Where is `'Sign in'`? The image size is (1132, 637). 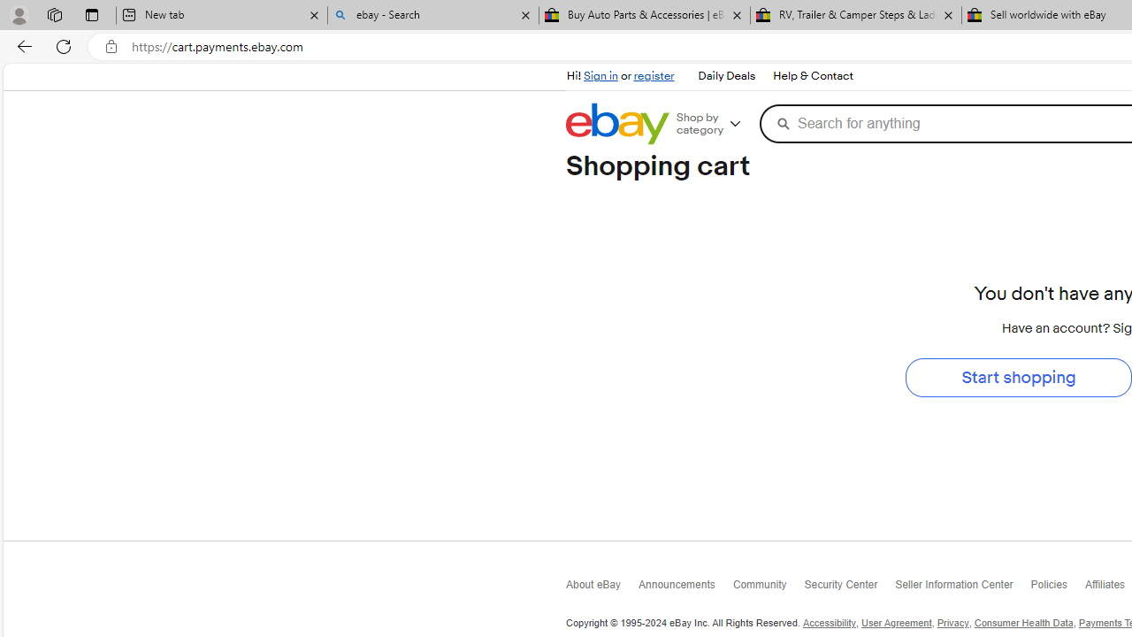
'Sign in' is located at coordinates (600, 75).